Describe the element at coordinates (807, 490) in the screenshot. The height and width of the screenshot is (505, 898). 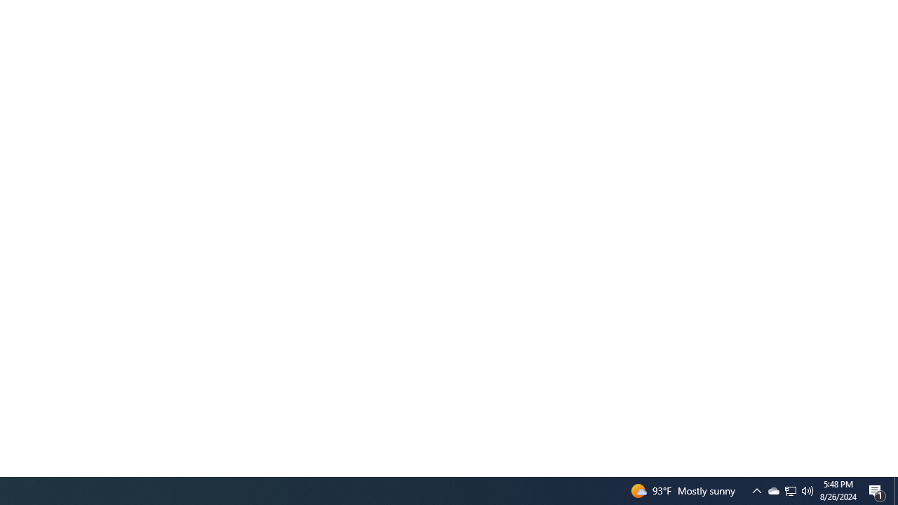
I see `'User Promoted Notification Area'` at that location.